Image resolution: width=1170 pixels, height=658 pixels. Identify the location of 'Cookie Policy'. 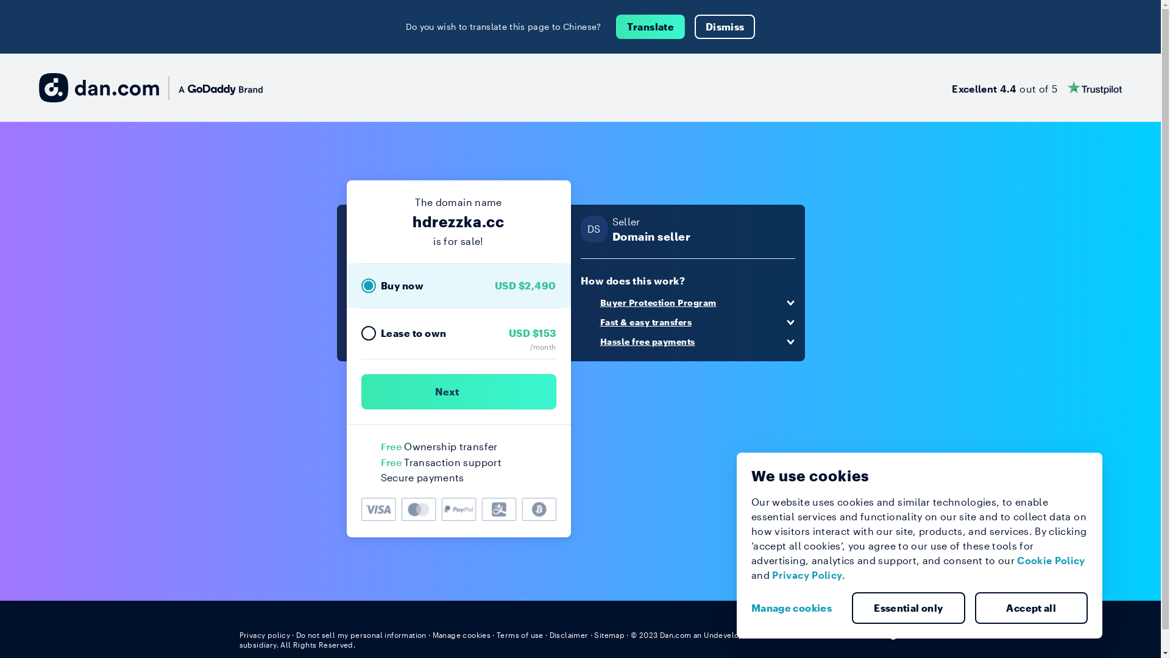
(1050, 560).